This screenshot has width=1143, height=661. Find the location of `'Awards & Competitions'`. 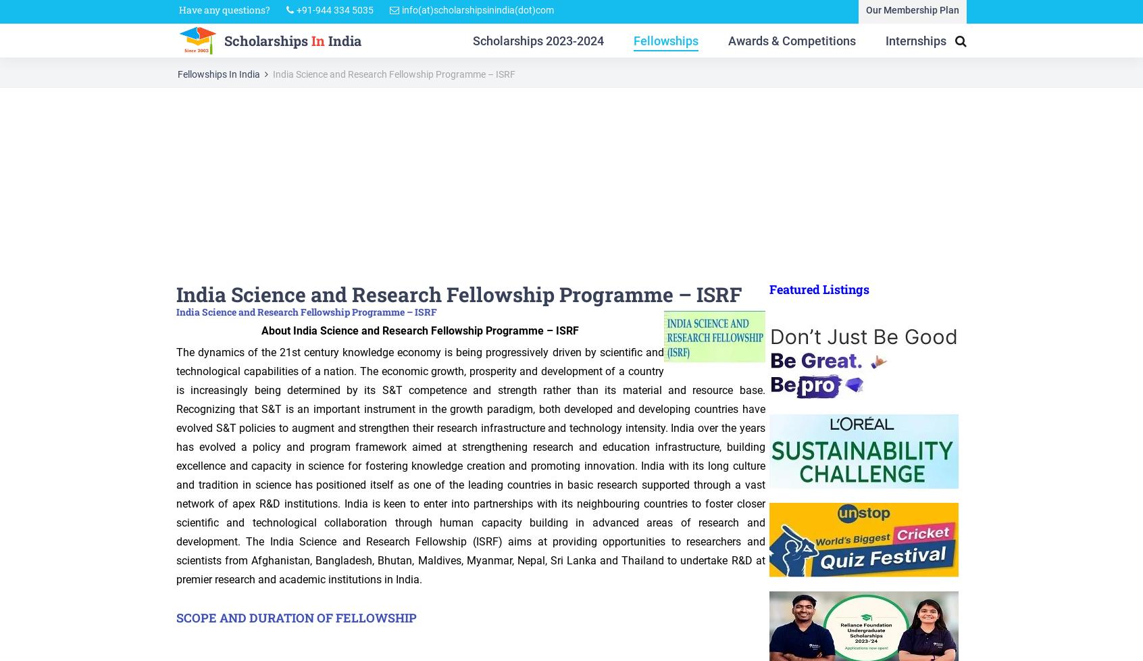

'Awards & Competitions' is located at coordinates (791, 43).